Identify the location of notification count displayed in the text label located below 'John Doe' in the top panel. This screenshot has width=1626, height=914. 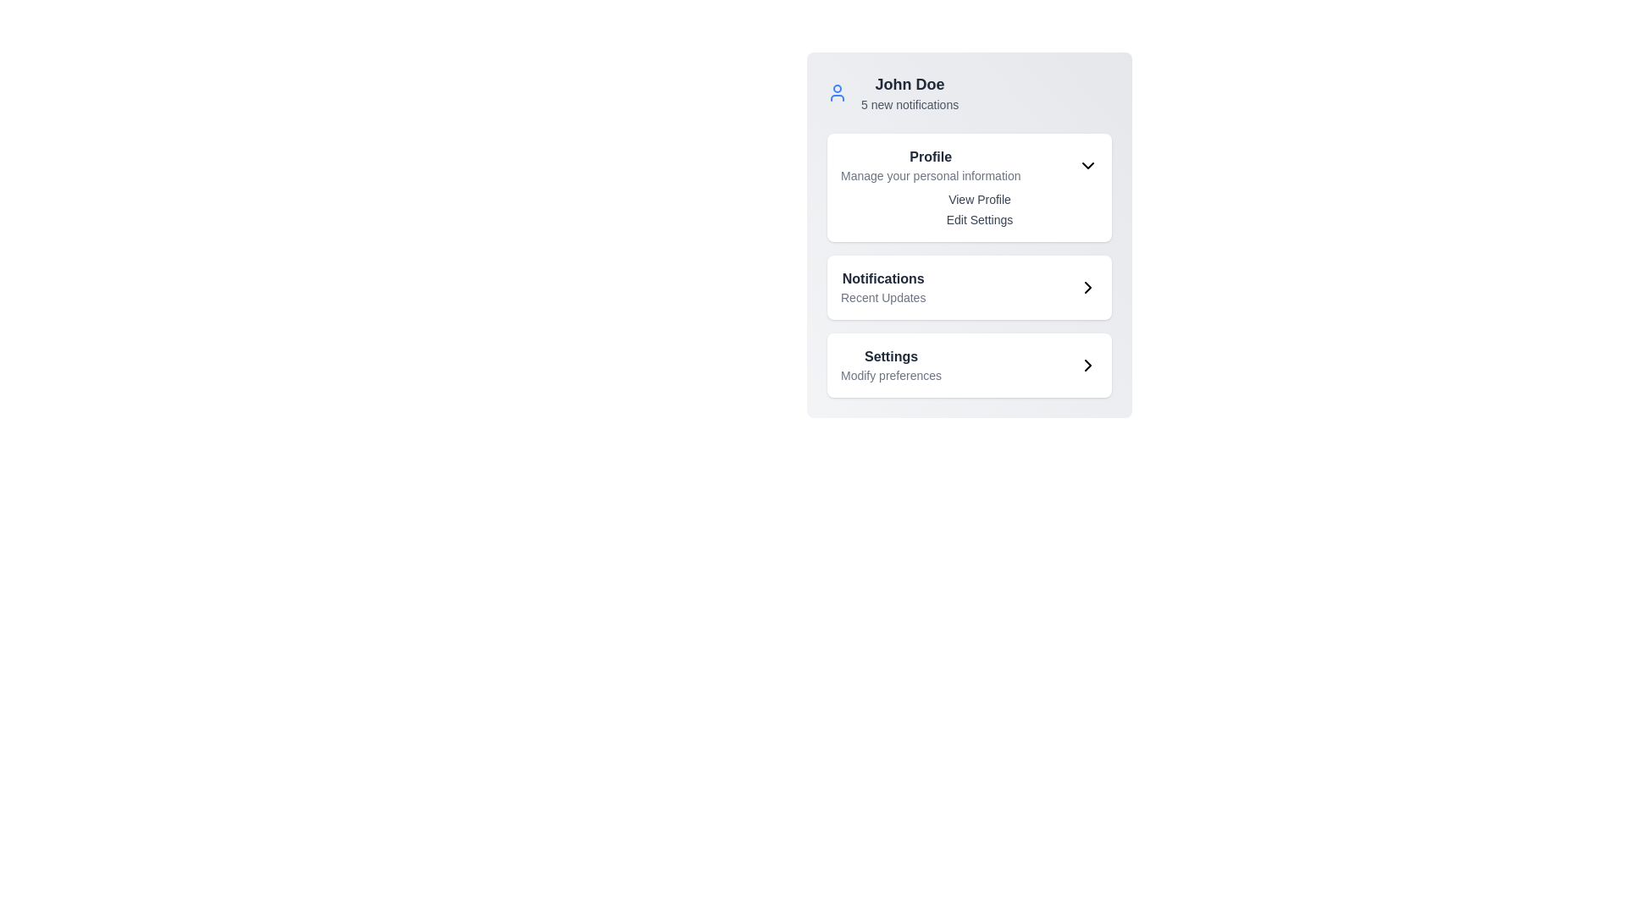
(909, 104).